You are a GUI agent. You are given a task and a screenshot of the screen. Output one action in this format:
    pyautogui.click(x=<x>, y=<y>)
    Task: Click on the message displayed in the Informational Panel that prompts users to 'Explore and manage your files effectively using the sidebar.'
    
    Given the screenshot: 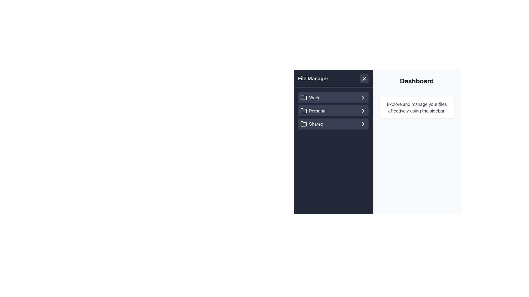 What is the action you would take?
    pyautogui.click(x=417, y=107)
    